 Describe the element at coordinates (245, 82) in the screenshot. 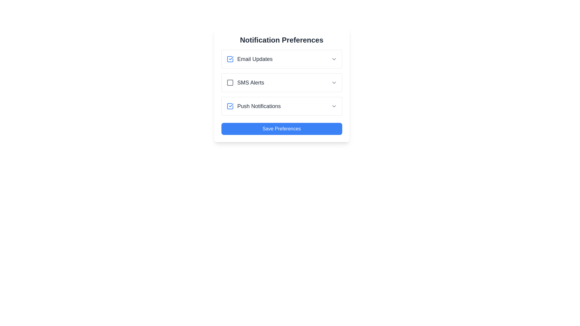

I see `the 'SMS Alerts' checkbox text` at that location.